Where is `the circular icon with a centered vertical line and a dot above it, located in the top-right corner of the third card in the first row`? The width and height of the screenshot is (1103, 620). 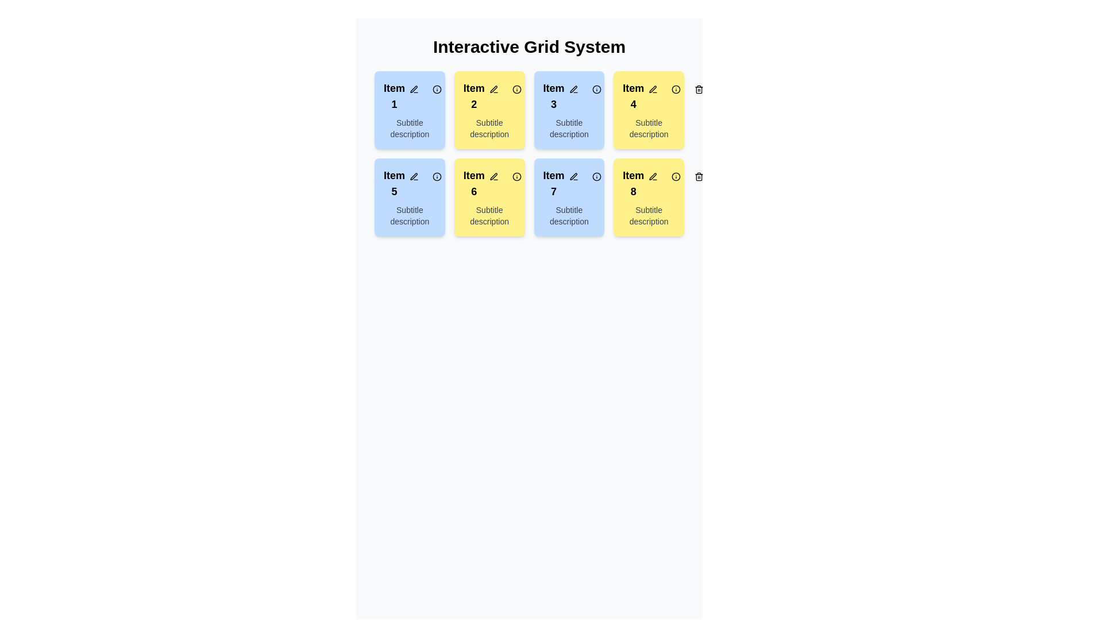 the circular icon with a centered vertical line and a dot above it, located in the top-right corner of the third card in the first row is located at coordinates (596, 88).